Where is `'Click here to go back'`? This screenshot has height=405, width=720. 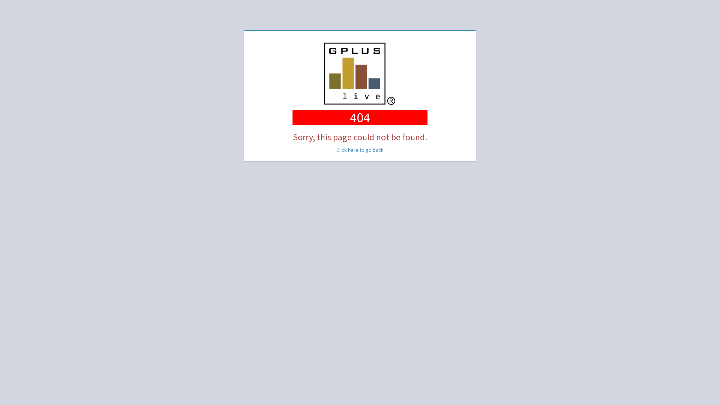
'Click here to go back' is located at coordinates (360, 150).